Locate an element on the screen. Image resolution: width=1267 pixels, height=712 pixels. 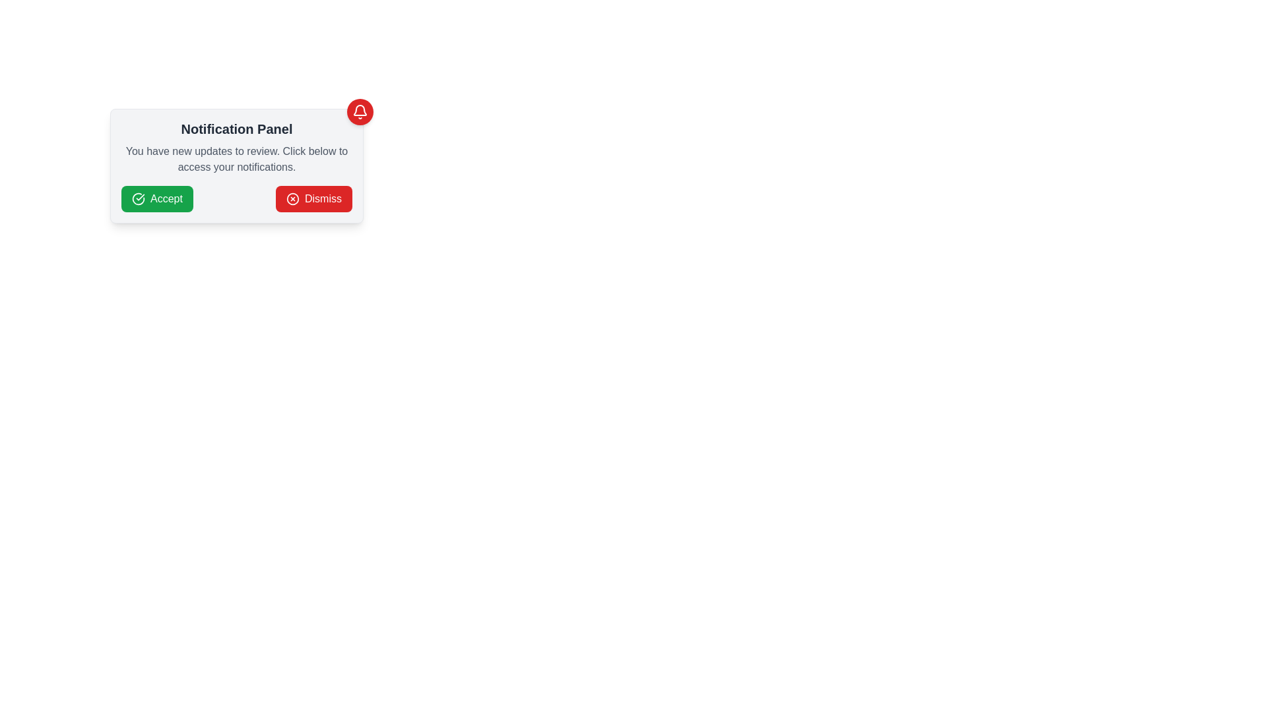
the circular dismiss icon with a white outlined 'X' on a red background, located to the left of the 'Dismiss' text in the button group is located at coordinates (292, 198).